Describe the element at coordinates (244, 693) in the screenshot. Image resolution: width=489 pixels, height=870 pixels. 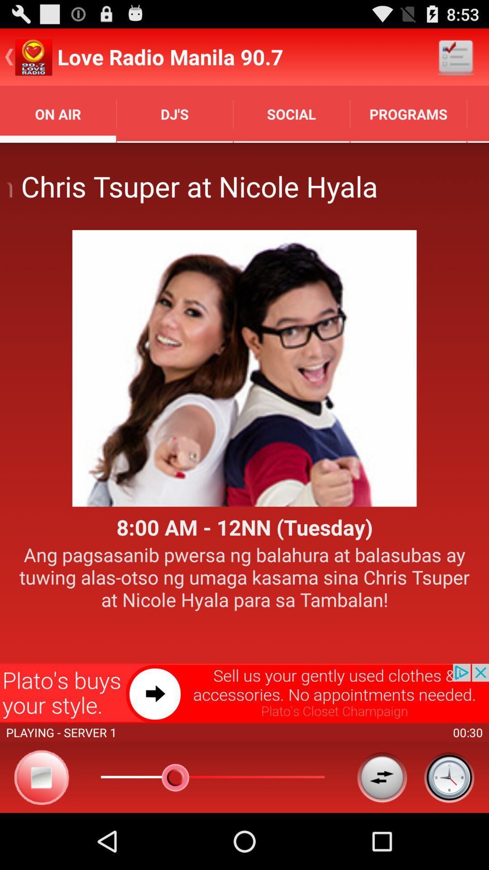
I see `advertisement option` at that location.